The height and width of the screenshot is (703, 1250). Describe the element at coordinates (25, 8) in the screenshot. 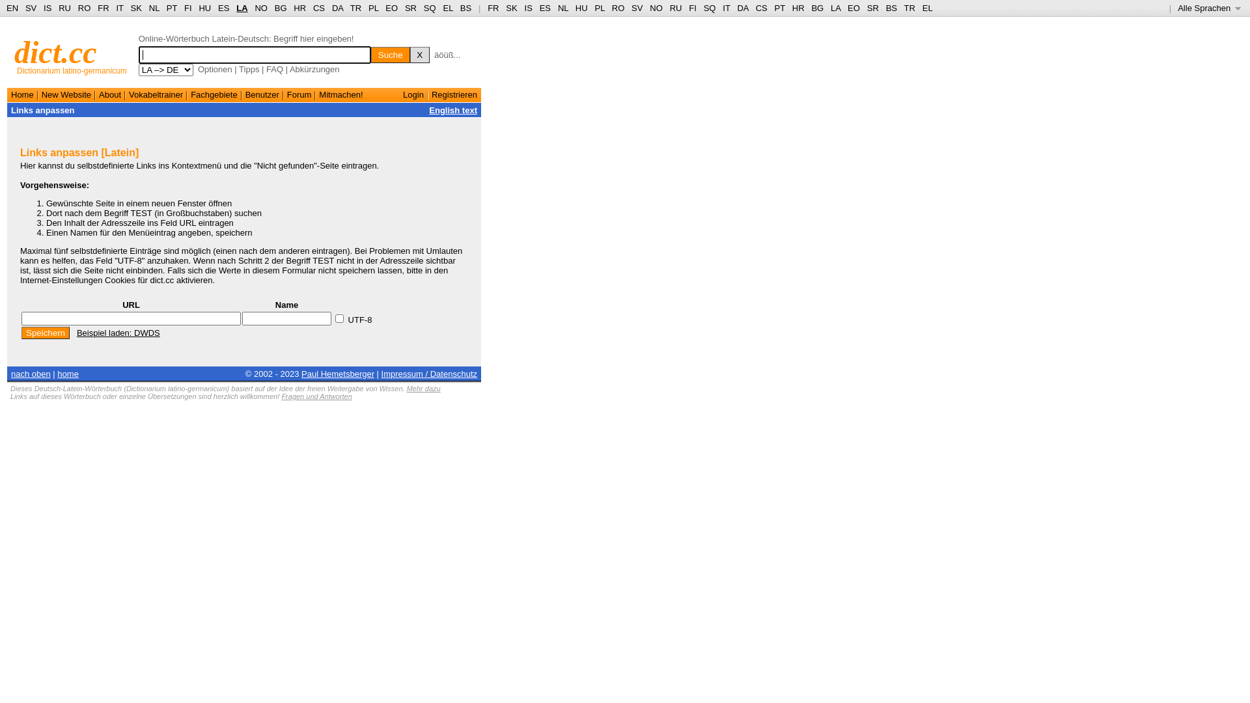

I see `'SV'` at that location.